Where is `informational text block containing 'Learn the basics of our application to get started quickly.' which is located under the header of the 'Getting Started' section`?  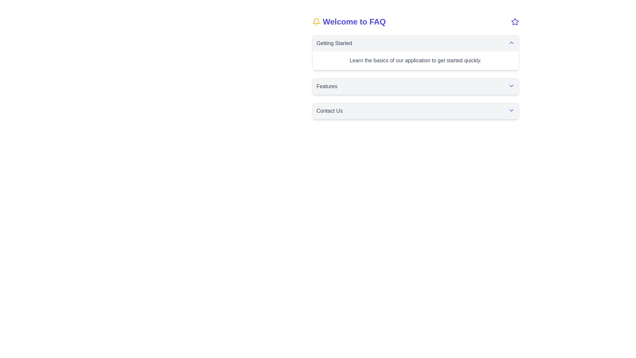
informational text block containing 'Learn the basics of our application to get started quickly.' which is located under the header of the 'Getting Started' section is located at coordinates (415, 60).